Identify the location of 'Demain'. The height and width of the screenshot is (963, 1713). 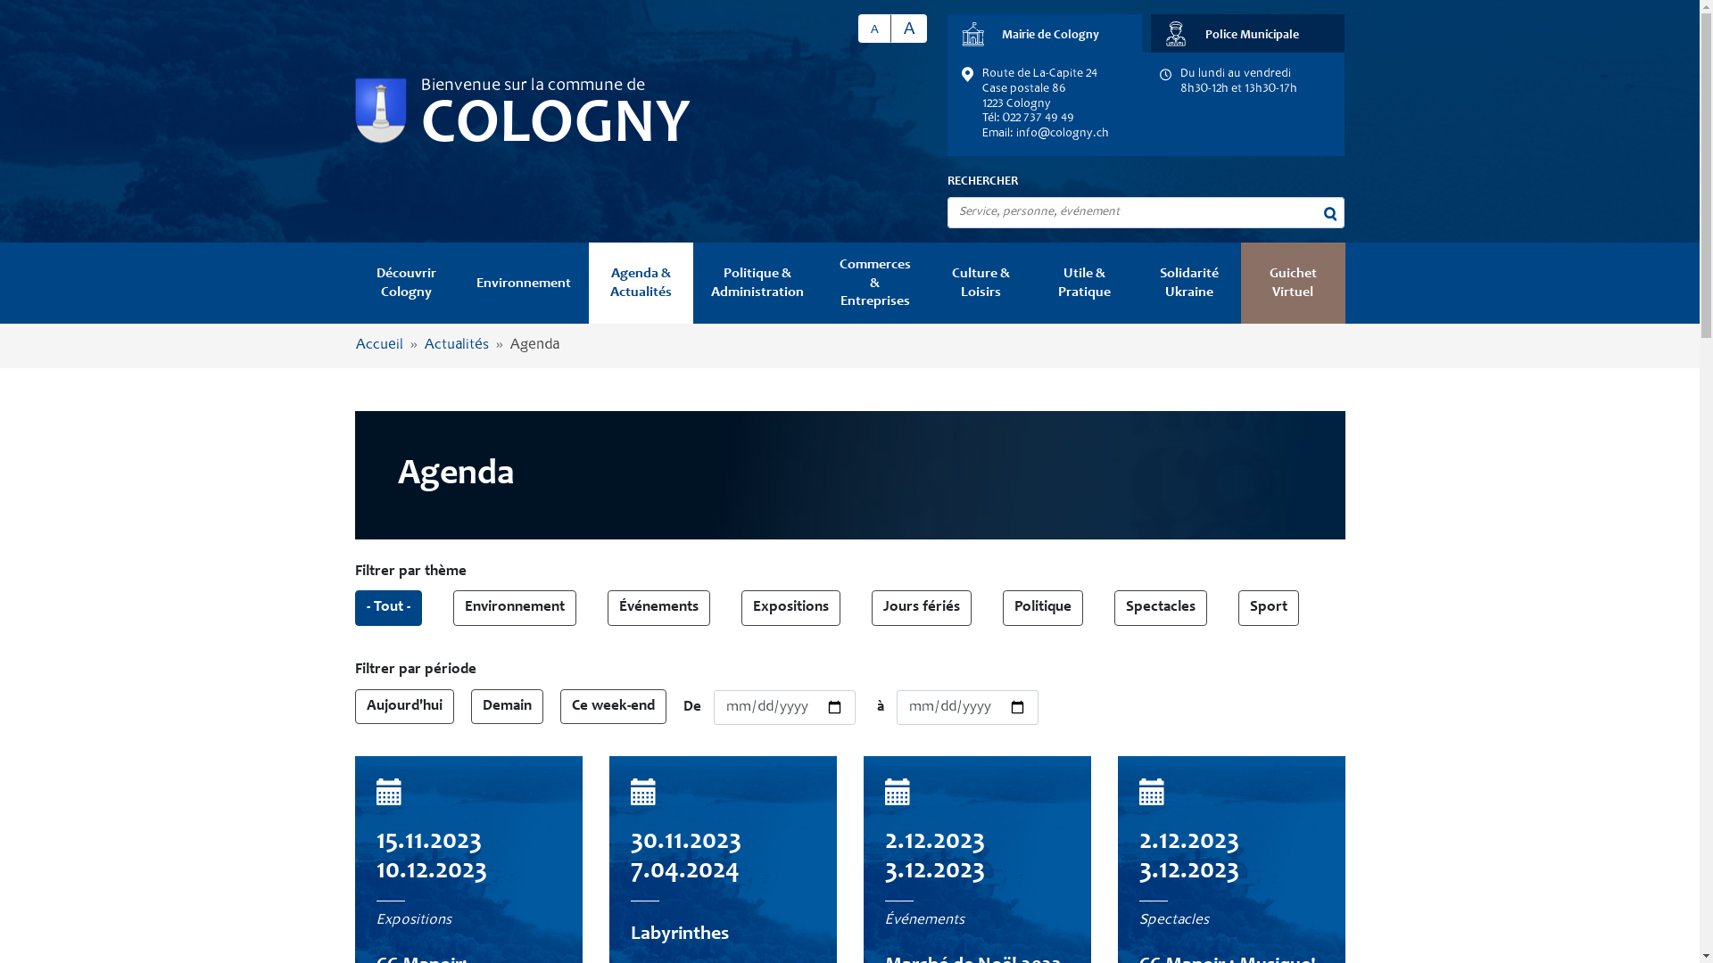
(506, 706).